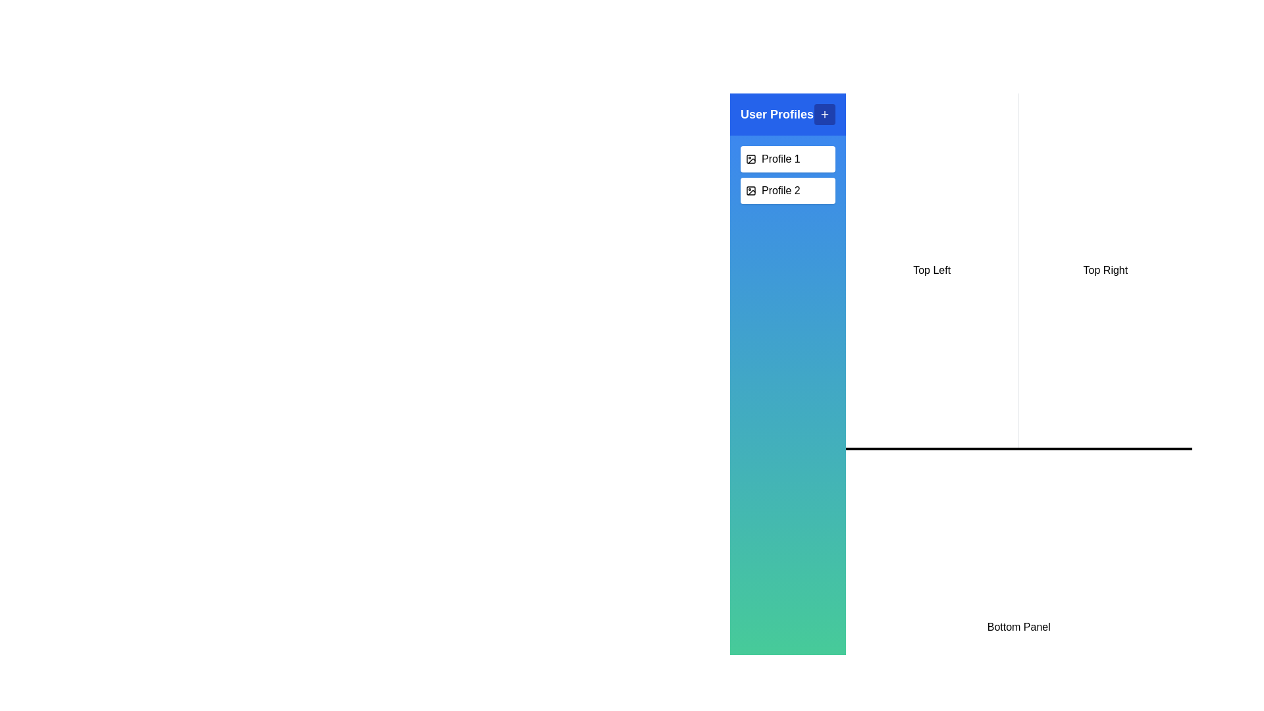 This screenshot has height=711, width=1264. I want to click on the rounded rectangle graphical canvas that is part of the image icon for 'Profile 1', so click(751, 159).